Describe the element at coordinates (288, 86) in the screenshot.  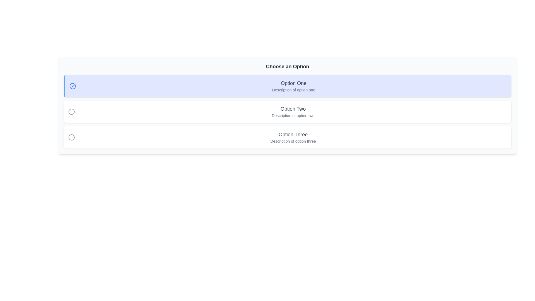
I see `the first button in the vertically stacked group of options, located below the heading 'Choose an Option'` at that location.